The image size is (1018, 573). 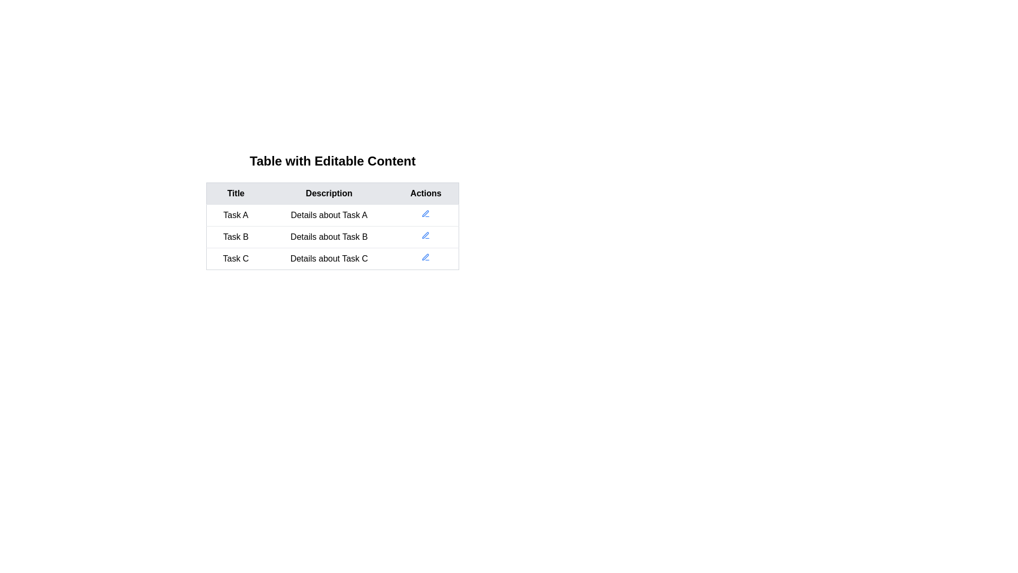 What do you see at coordinates (235, 237) in the screenshot?
I see `the Text label that serves as the title of the task, located in the second row under the 'Title' heading of the table, between 'Task A' and 'Task C'` at bounding box center [235, 237].